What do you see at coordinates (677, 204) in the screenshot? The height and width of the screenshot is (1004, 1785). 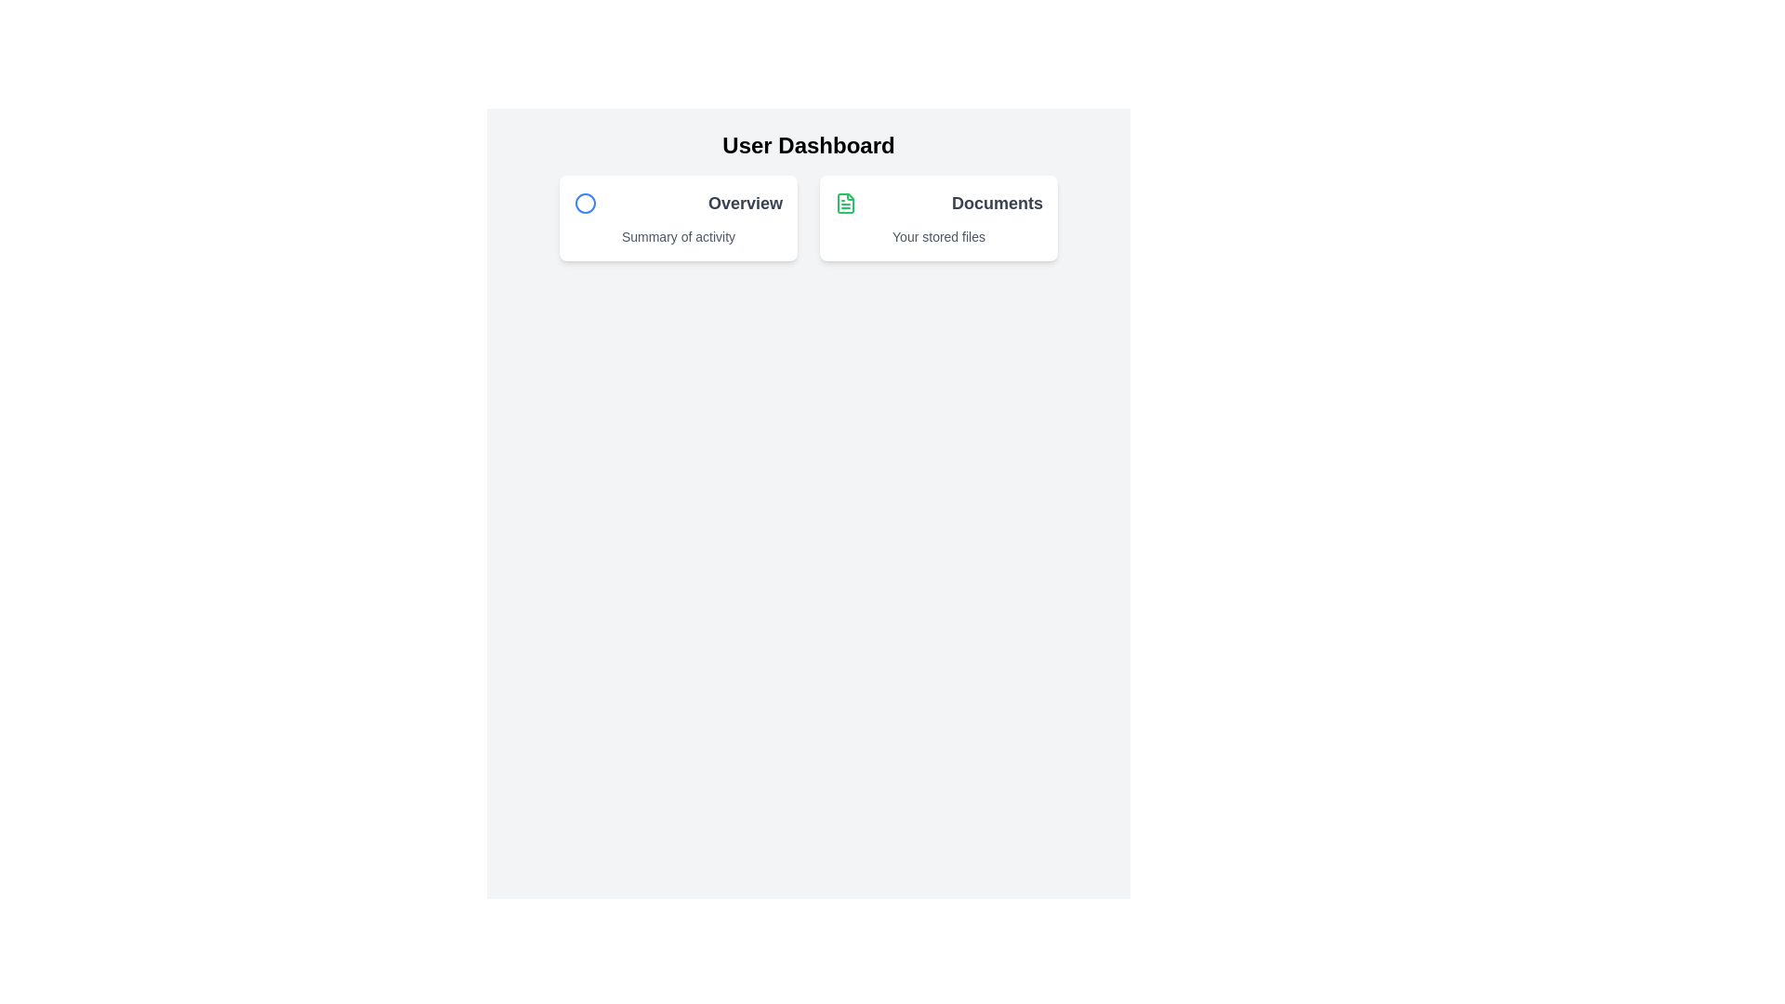 I see `Text-Based Label that serves as a title or heading within the white card on the top-left side of the dashboard for development purposes` at bounding box center [677, 204].